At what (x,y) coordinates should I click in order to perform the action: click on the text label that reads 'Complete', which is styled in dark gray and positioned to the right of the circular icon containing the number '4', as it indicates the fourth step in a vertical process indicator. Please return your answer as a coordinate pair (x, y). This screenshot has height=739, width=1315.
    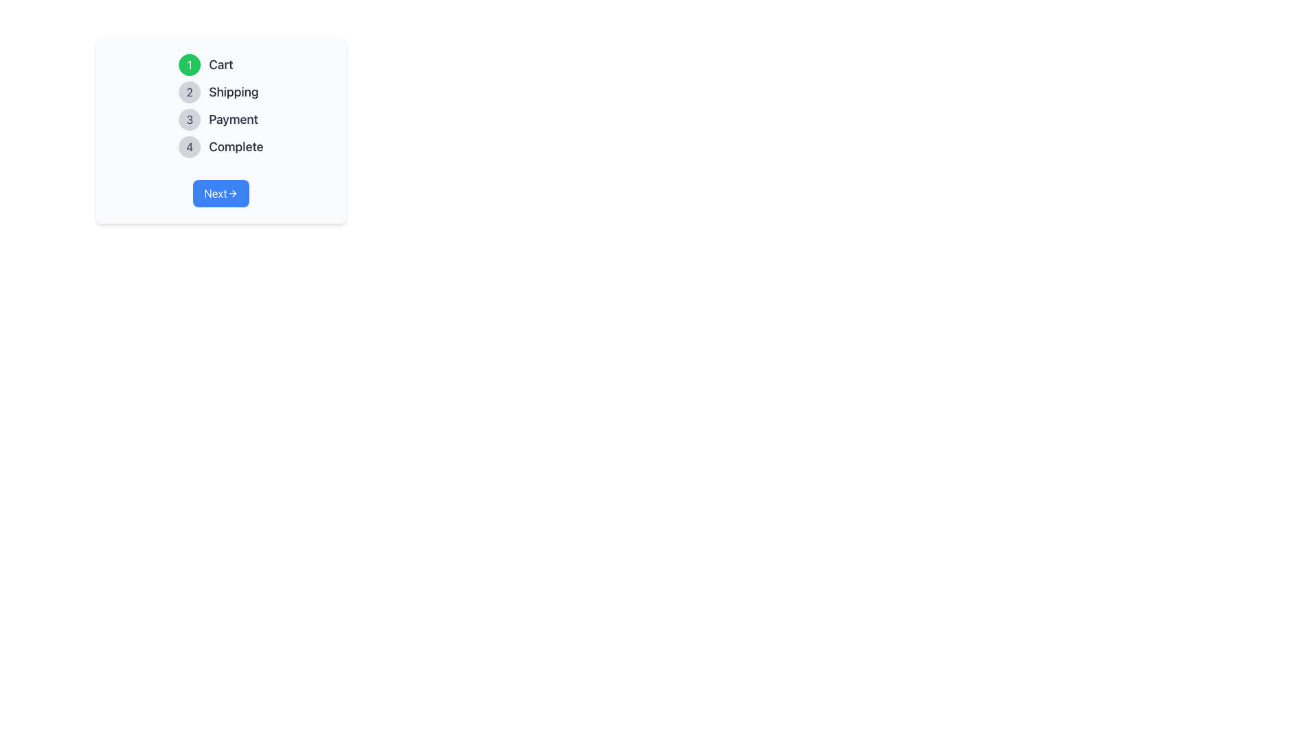
    Looking at the image, I should click on (236, 147).